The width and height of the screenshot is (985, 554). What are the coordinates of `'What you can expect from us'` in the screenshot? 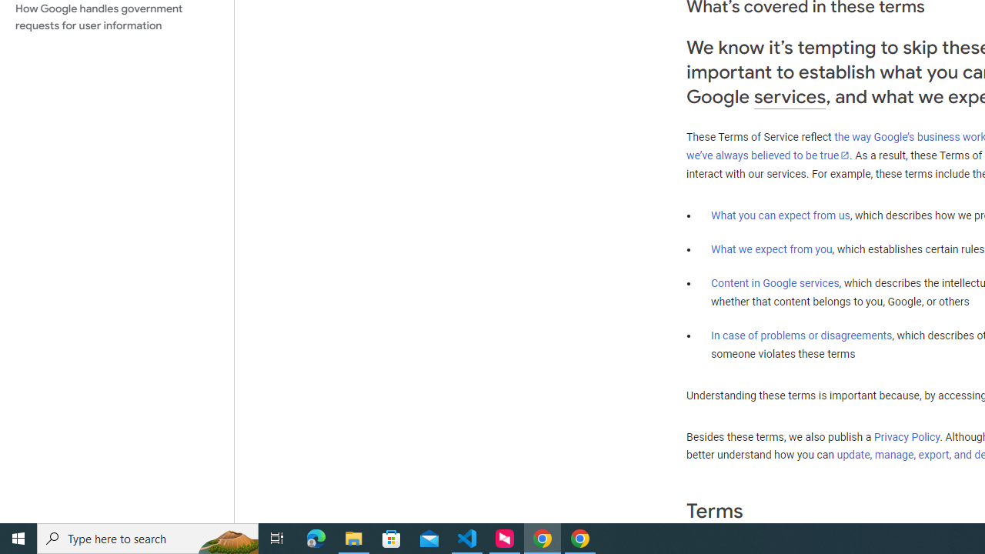 It's located at (780, 215).